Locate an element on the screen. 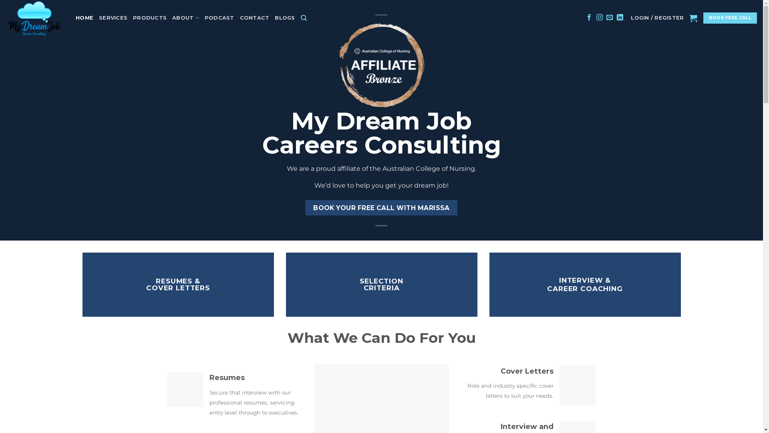 The height and width of the screenshot is (433, 769). 'Send us an email' is located at coordinates (609, 17).